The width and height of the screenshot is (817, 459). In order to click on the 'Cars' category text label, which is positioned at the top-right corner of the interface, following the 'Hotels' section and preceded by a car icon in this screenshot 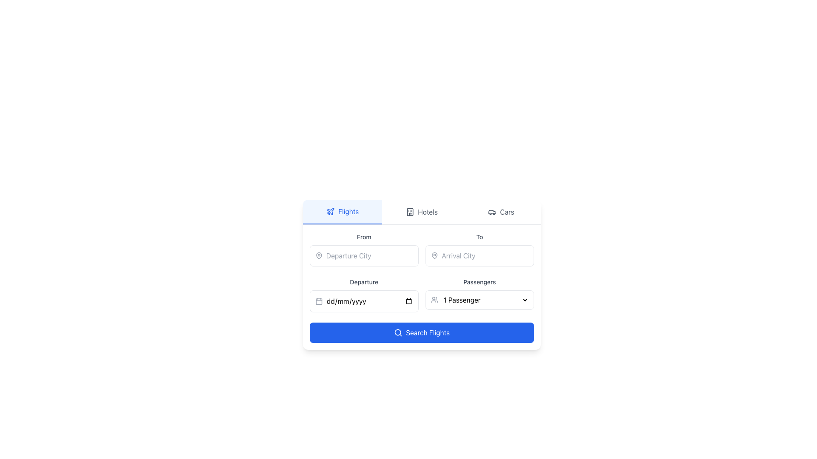, I will do `click(507, 211)`.